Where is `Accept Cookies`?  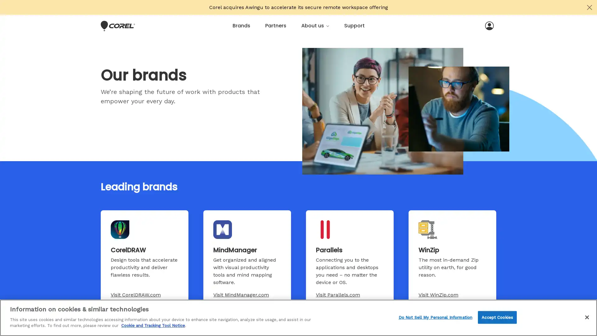
Accept Cookies is located at coordinates (497, 317).